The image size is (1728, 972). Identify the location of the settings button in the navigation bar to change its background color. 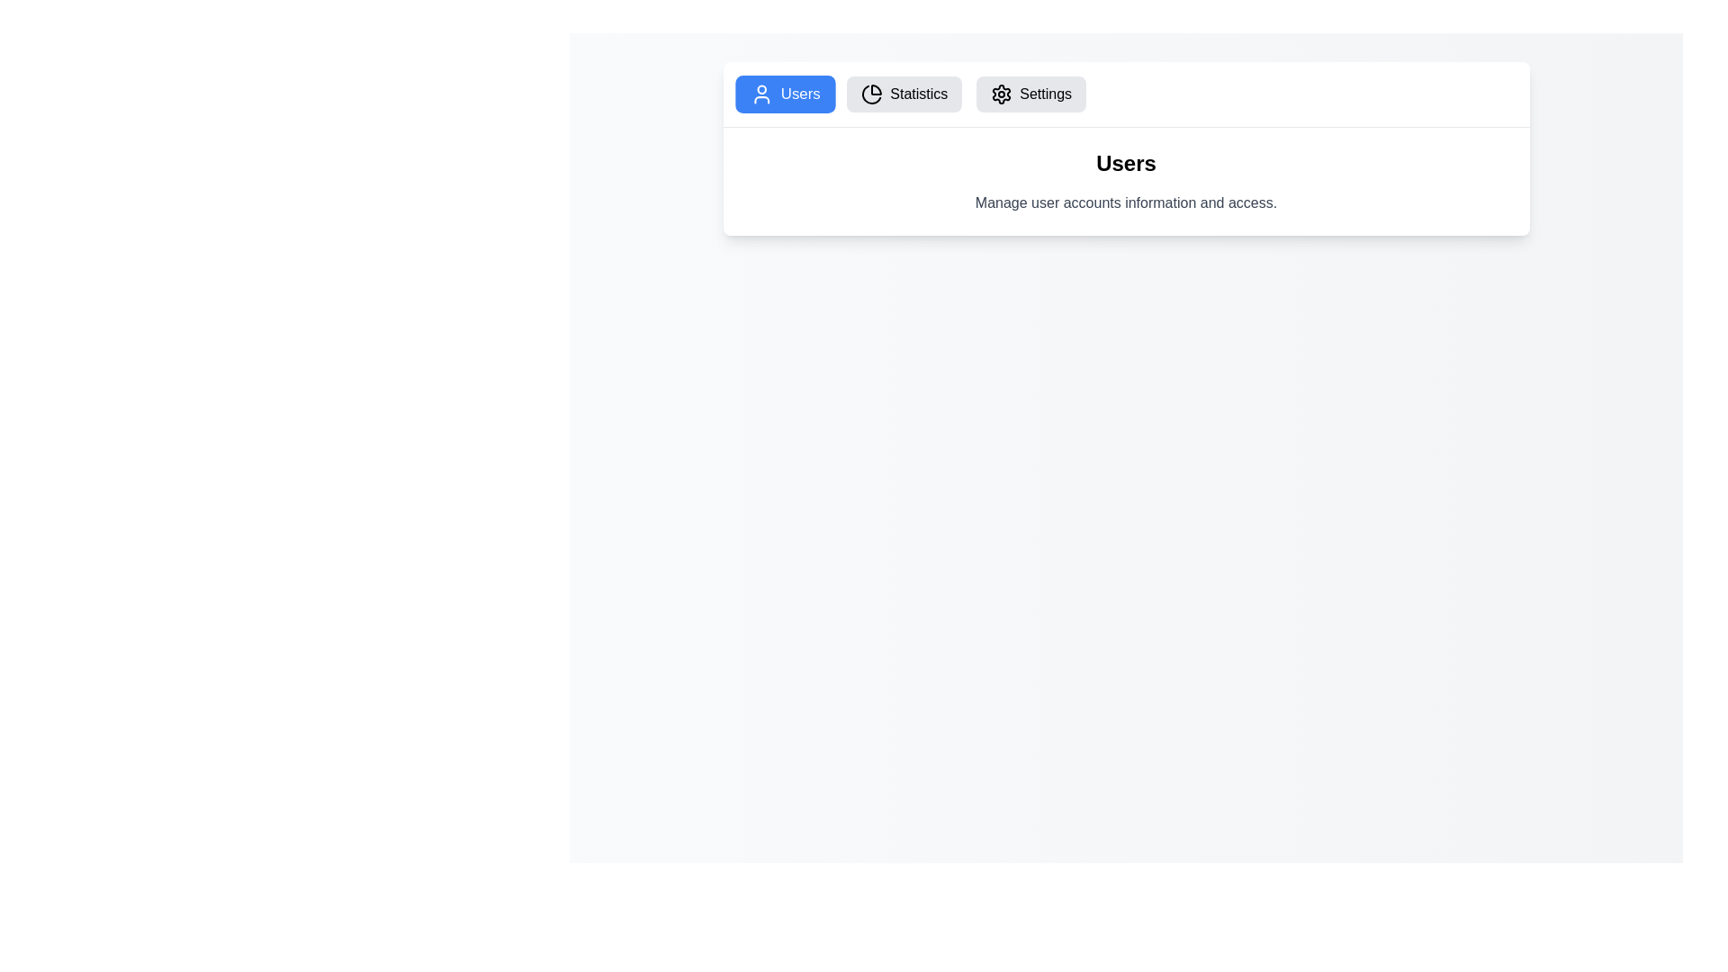
(1031, 94).